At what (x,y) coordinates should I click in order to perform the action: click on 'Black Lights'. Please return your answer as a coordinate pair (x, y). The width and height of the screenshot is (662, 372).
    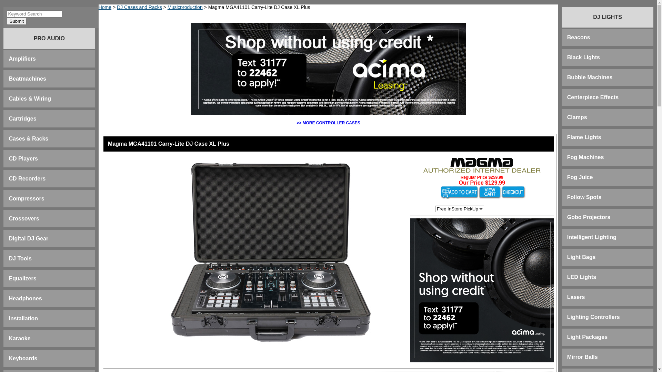
    Looking at the image, I should click on (583, 57).